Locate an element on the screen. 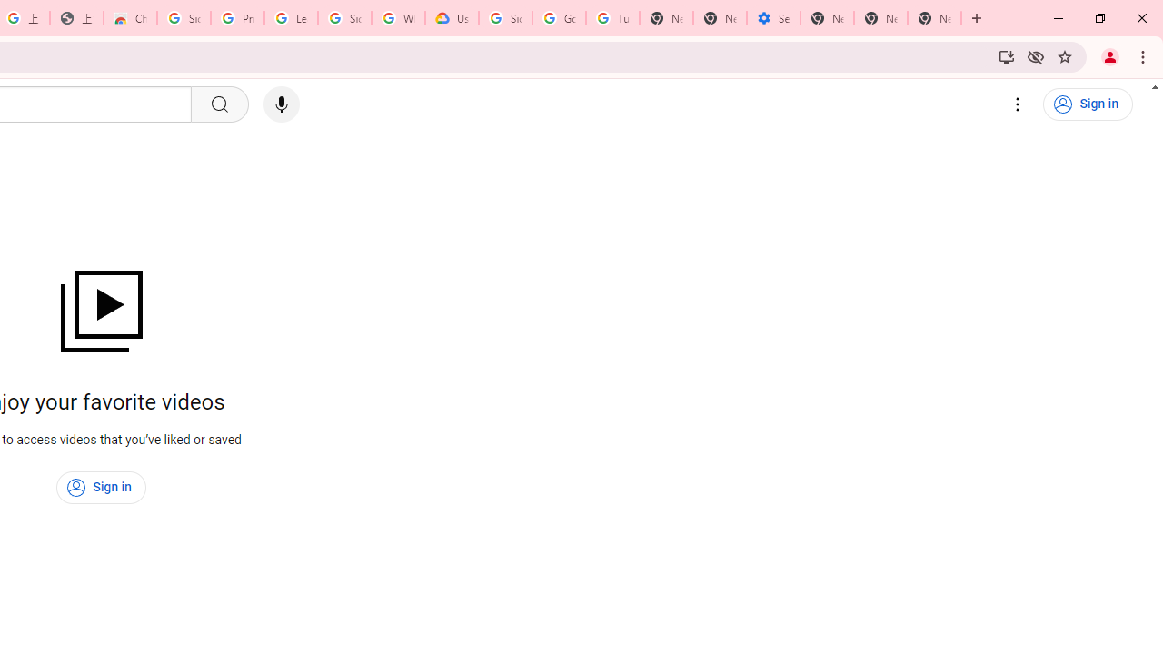 The height and width of the screenshot is (654, 1163). 'Settings - Addresses and more' is located at coordinates (773, 18).